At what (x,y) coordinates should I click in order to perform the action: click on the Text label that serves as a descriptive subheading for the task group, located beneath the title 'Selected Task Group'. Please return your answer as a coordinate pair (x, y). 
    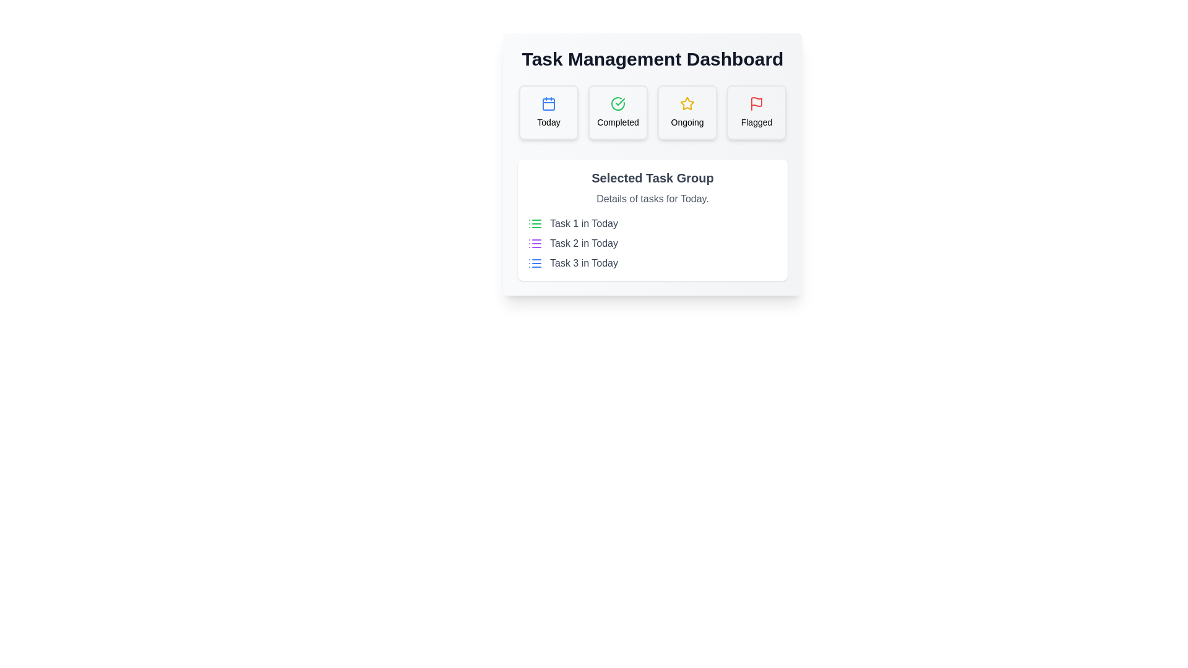
    Looking at the image, I should click on (652, 198).